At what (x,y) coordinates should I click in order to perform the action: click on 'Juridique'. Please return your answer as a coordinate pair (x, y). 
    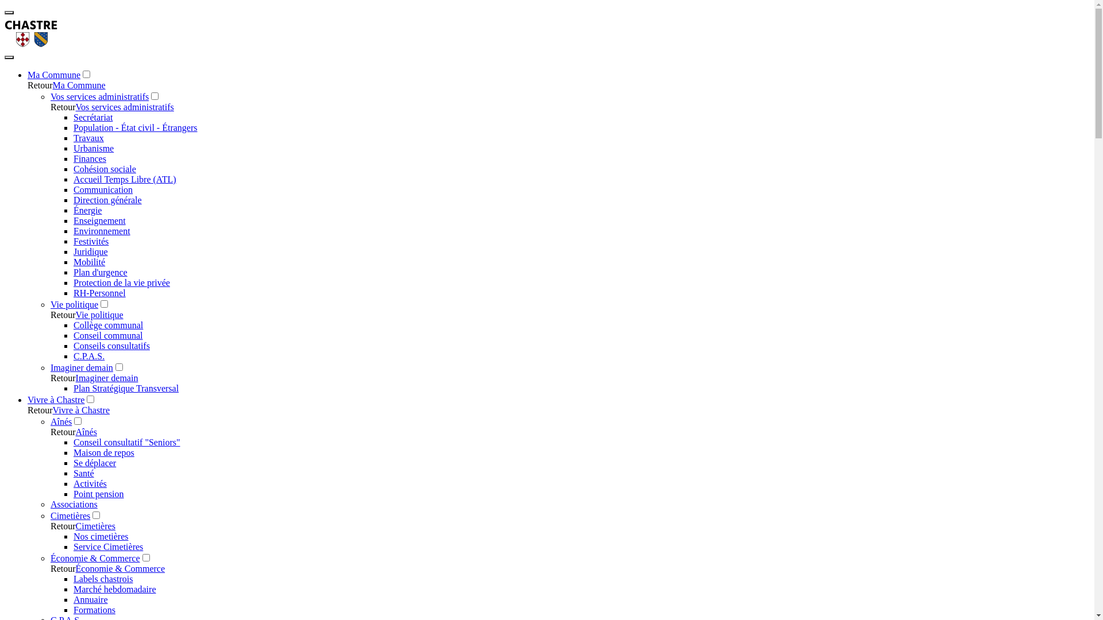
    Looking at the image, I should click on (90, 251).